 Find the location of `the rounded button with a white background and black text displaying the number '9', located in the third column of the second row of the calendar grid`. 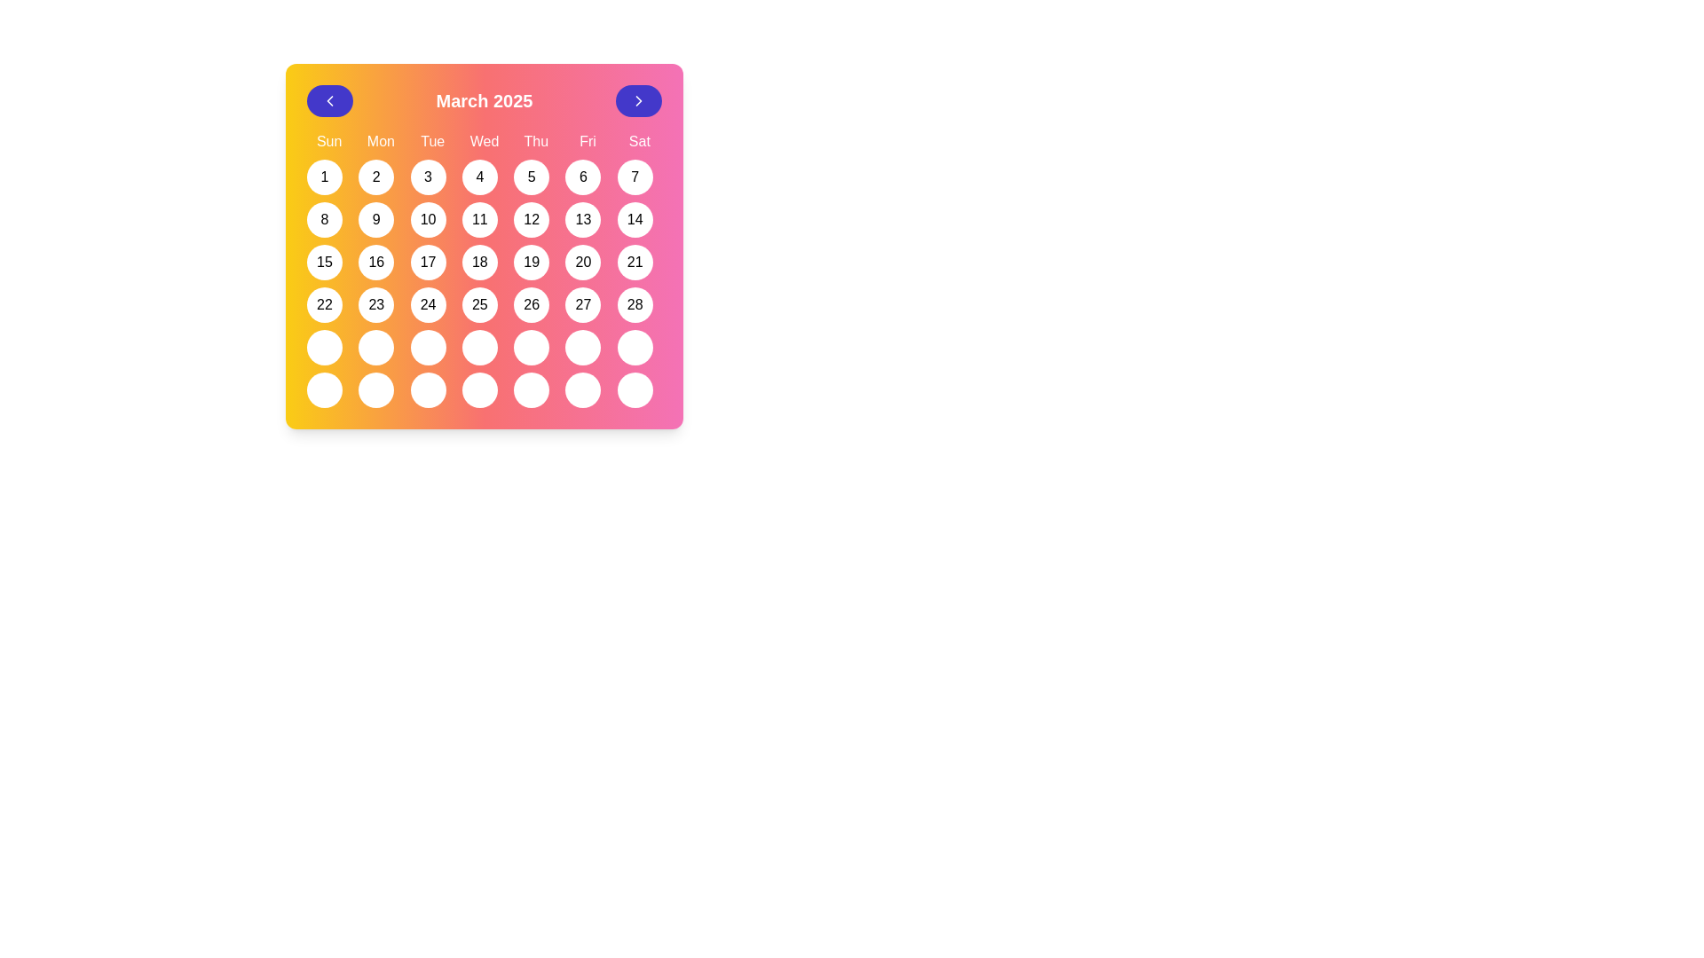

the rounded button with a white background and black text displaying the number '9', located in the third column of the second row of the calendar grid is located at coordinates (375, 218).